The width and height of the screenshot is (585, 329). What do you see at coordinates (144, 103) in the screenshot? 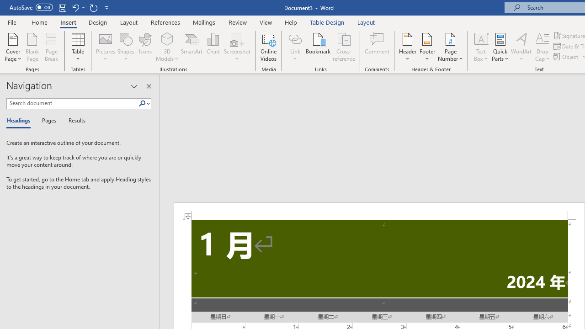
I see `'Search'` at bounding box center [144, 103].